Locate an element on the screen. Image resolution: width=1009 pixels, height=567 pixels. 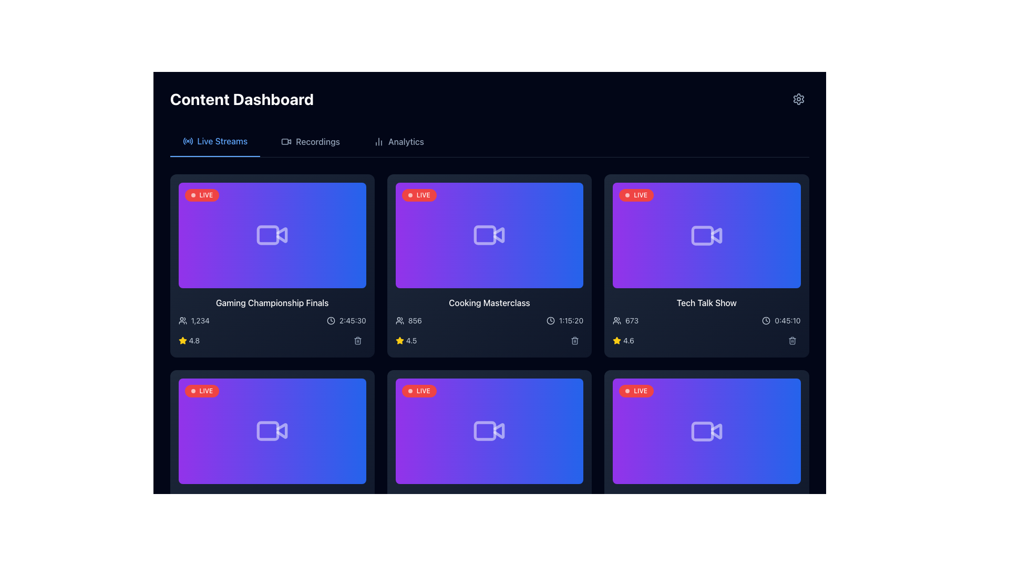
the clock icon located near the bottom right corner of the 'Gaming Championship Finals' content card in the 'Live Streams' section is located at coordinates (330, 320).